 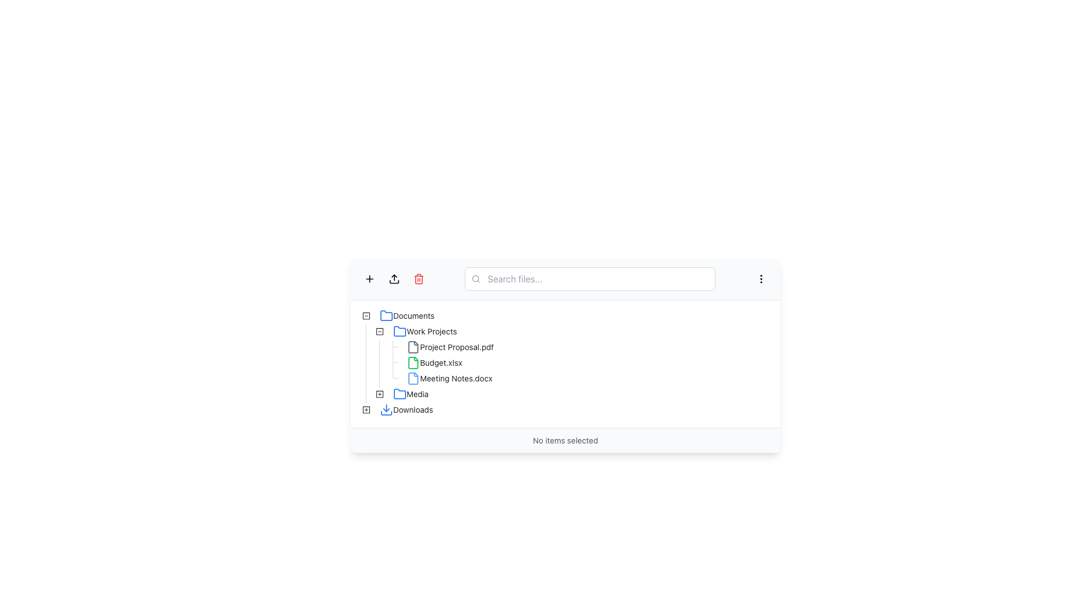 What do you see at coordinates (418, 278) in the screenshot?
I see `the trash can icon located in the upper-right corner of the file management interface` at bounding box center [418, 278].